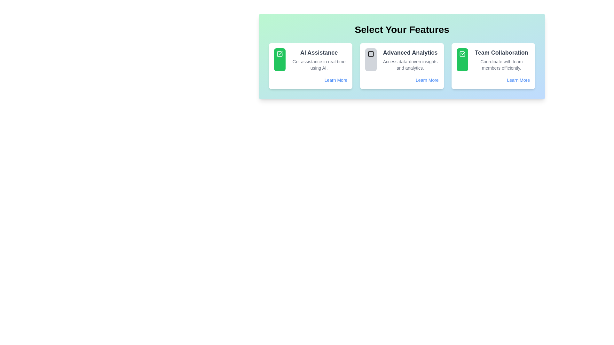 Image resolution: width=614 pixels, height=345 pixels. What do you see at coordinates (462, 54) in the screenshot?
I see `the checkmark icon inside the green box in the top-right square of the 'Select Your Features' section, which is part of the 'Team Collaboration' card` at bounding box center [462, 54].